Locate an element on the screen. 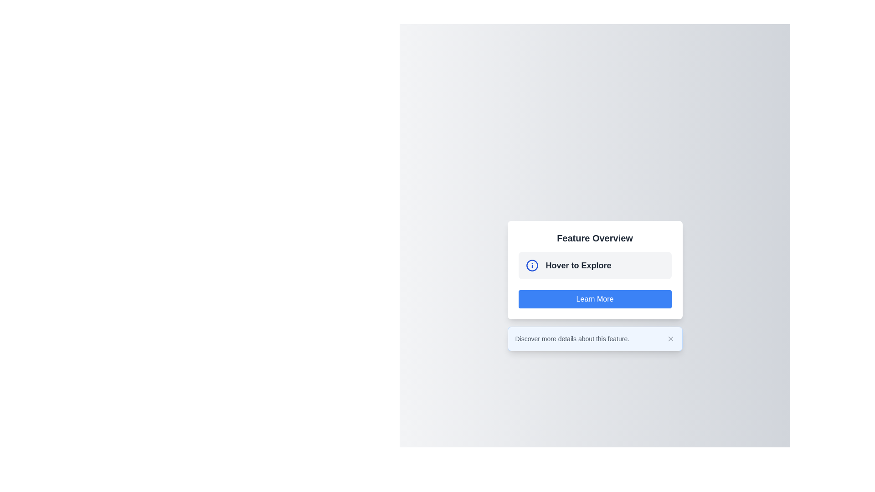 Image resolution: width=875 pixels, height=492 pixels. the circle element of the information icon, which indicates additional information or a tooltip upon interaction is located at coordinates (532, 265).